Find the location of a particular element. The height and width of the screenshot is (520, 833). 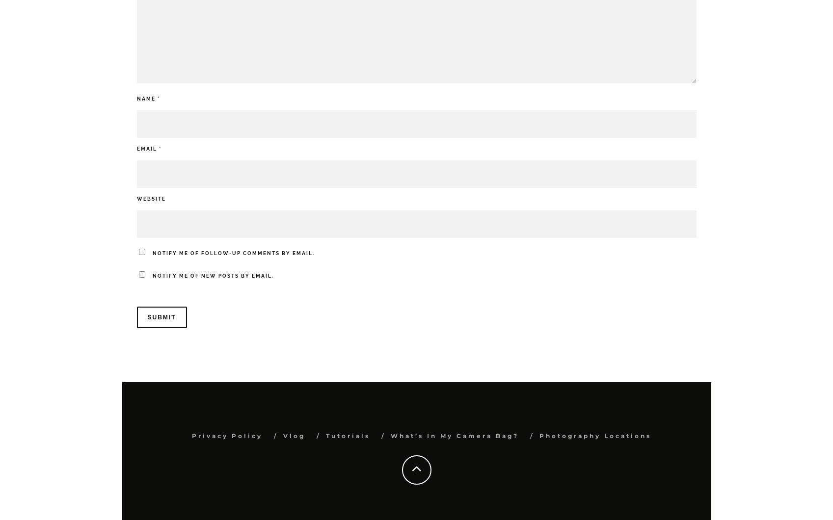

'Notify me of follow-up comments by email.' is located at coordinates (233, 252).